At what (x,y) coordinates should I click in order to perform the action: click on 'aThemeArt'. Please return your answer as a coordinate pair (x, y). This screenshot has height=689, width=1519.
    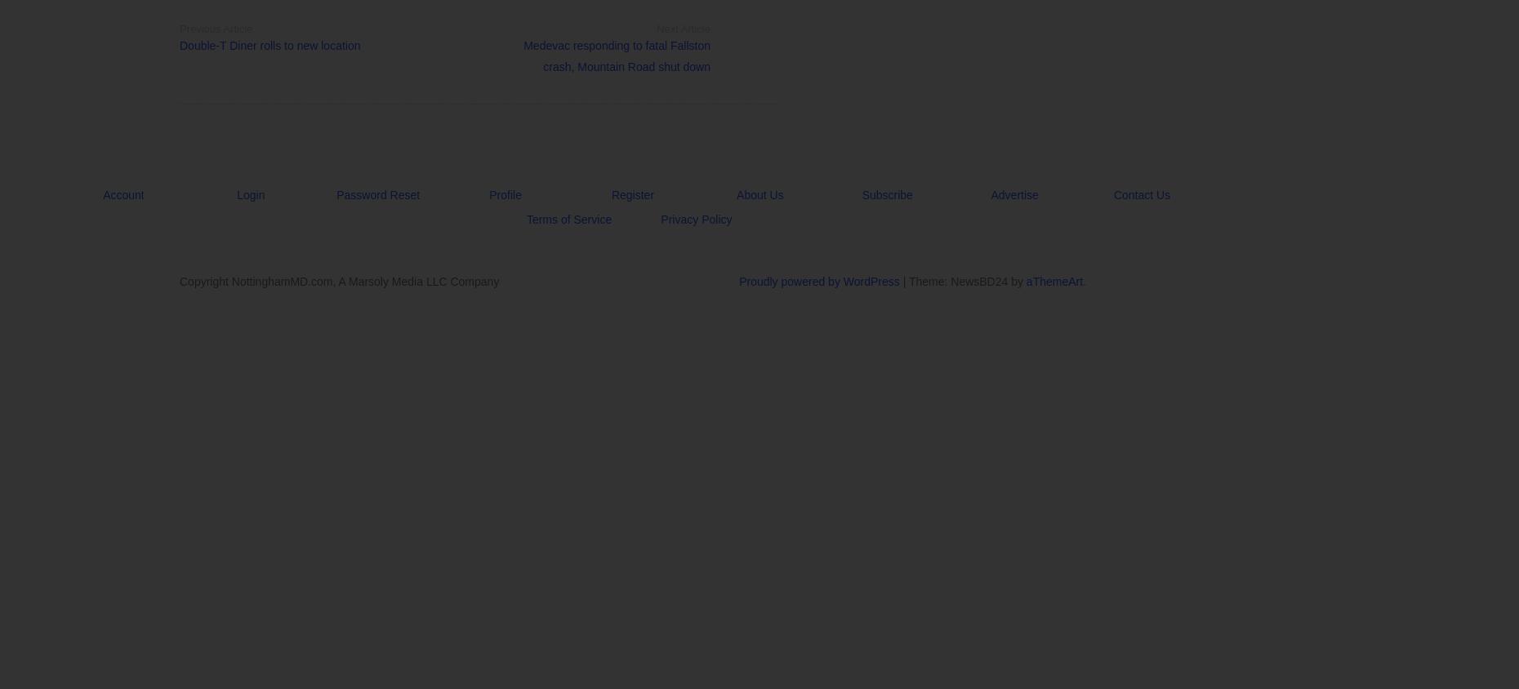
    Looking at the image, I should click on (1025, 282).